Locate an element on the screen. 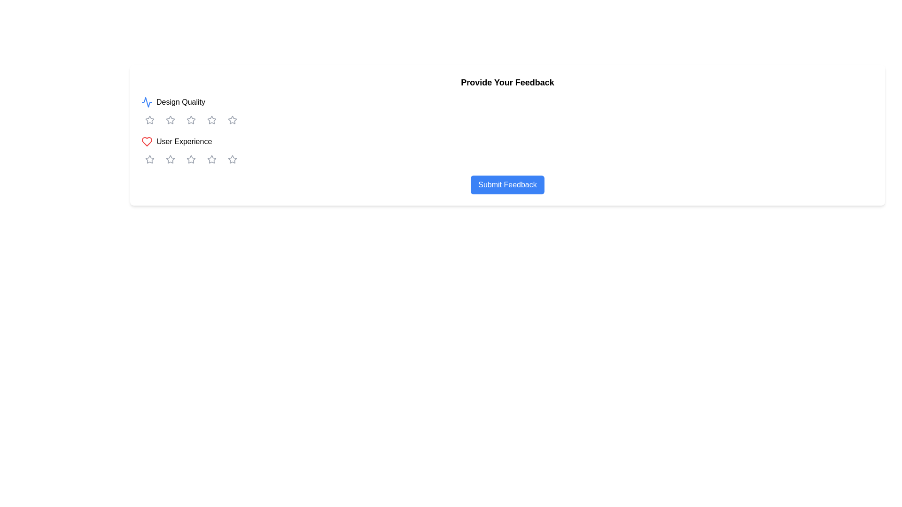  one of the star icons in the star rating component located in the 'User Experience' section is located at coordinates (507, 159).